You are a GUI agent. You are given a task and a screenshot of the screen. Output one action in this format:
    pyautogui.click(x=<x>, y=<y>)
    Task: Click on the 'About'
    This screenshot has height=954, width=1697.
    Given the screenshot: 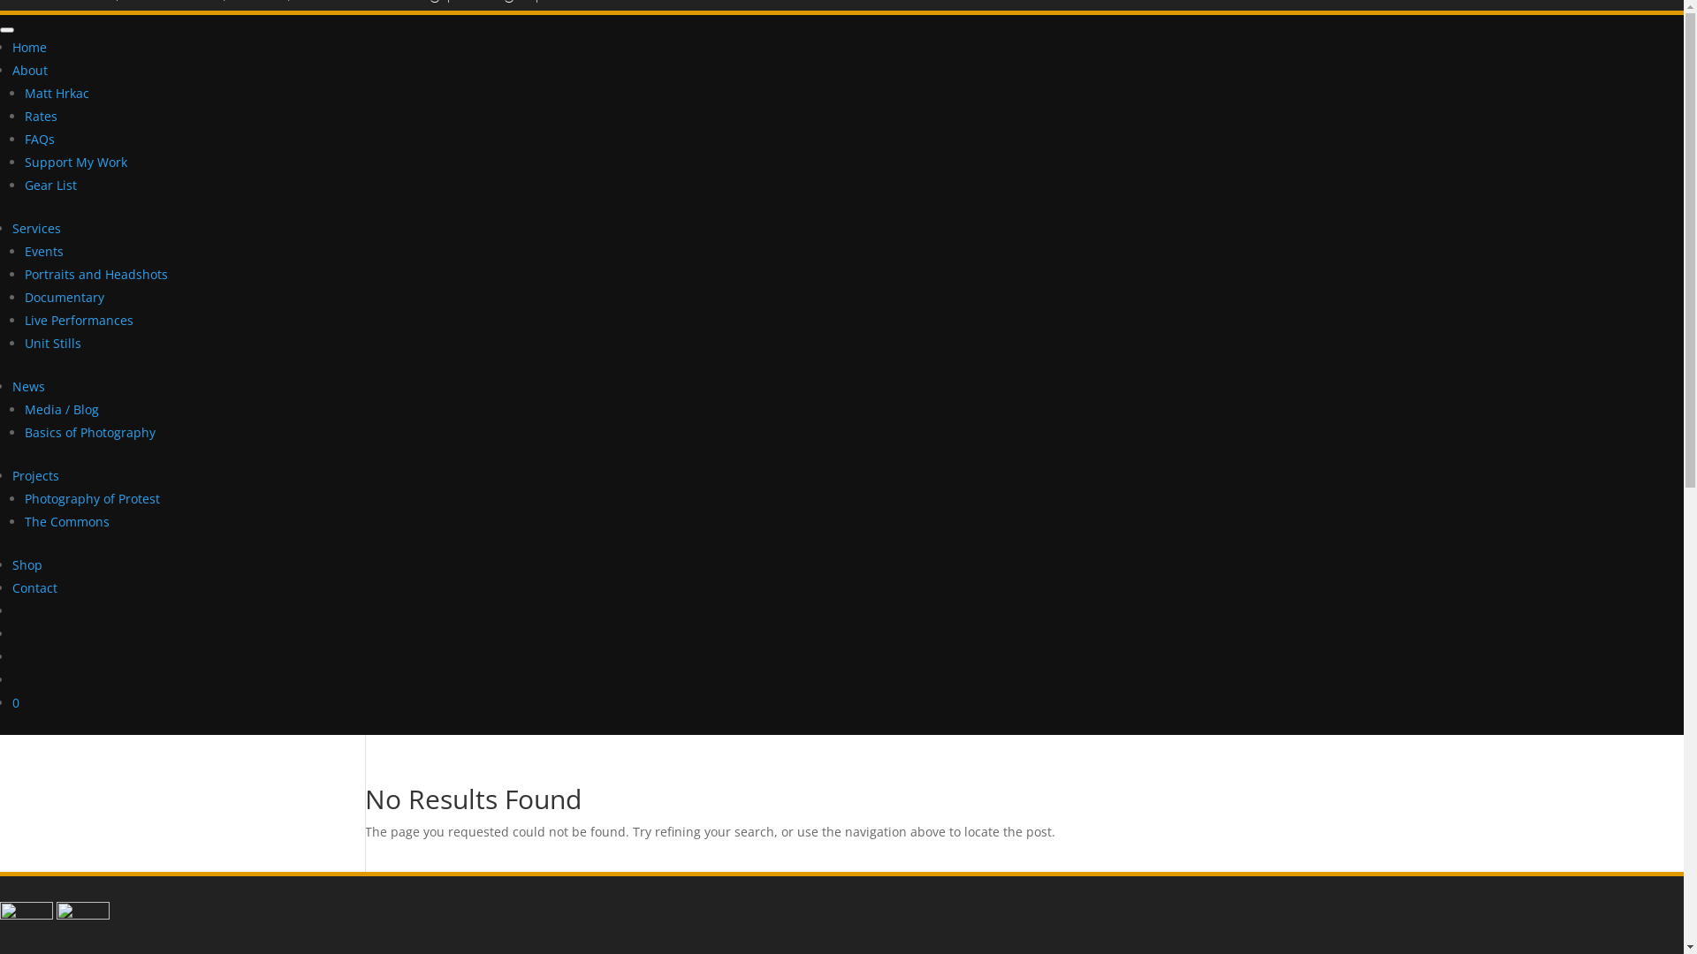 What is the action you would take?
    pyautogui.click(x=29, y=69)
    